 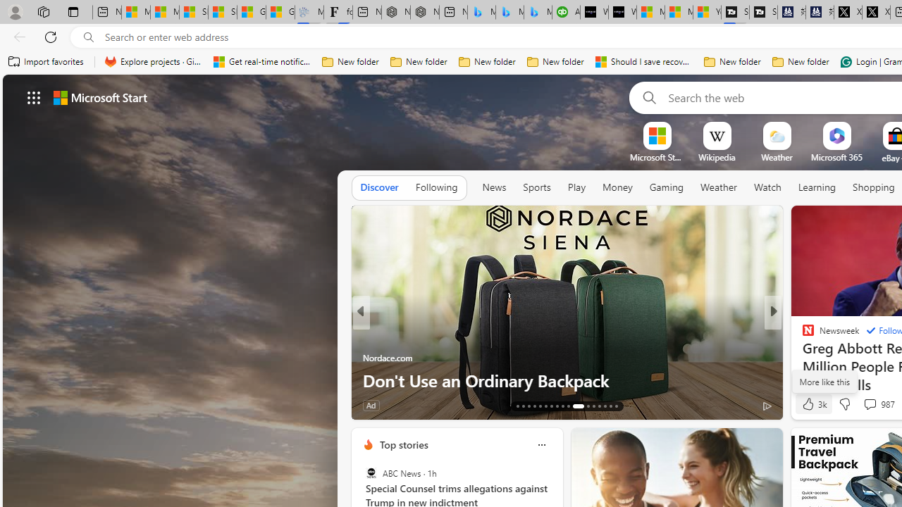 What do you see at coordinates (494, 187) in the screenshot?
I see `'News'` at bounding box center [494, 187].